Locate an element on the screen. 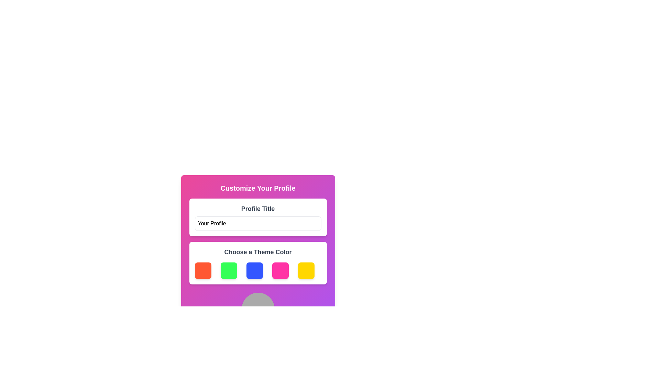 The height and width of the screenshot is (371, 660). the green square button with rounded corners located beneath the title 'Choose a Theme Color' to trigger any hover effects is located at coordinates (229, 270).